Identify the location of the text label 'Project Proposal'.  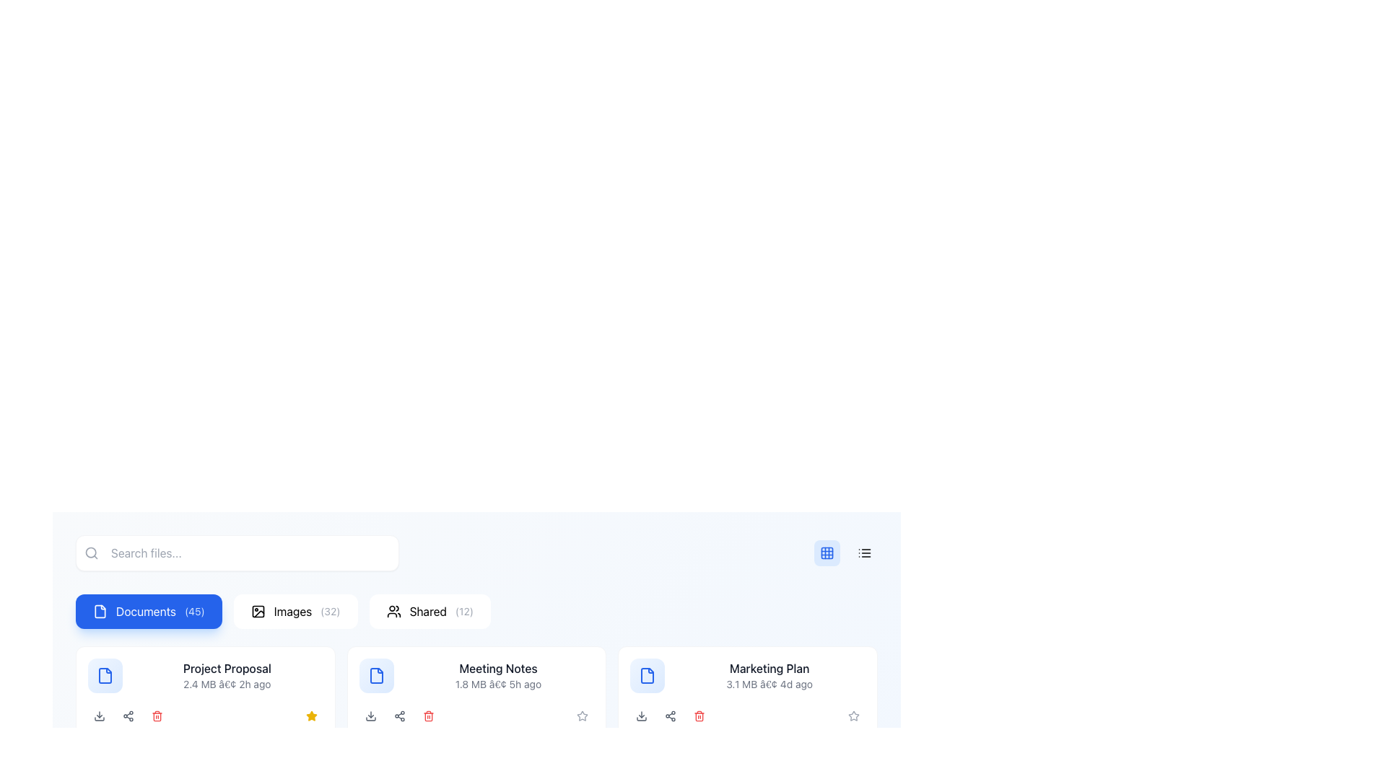
(226, 668).